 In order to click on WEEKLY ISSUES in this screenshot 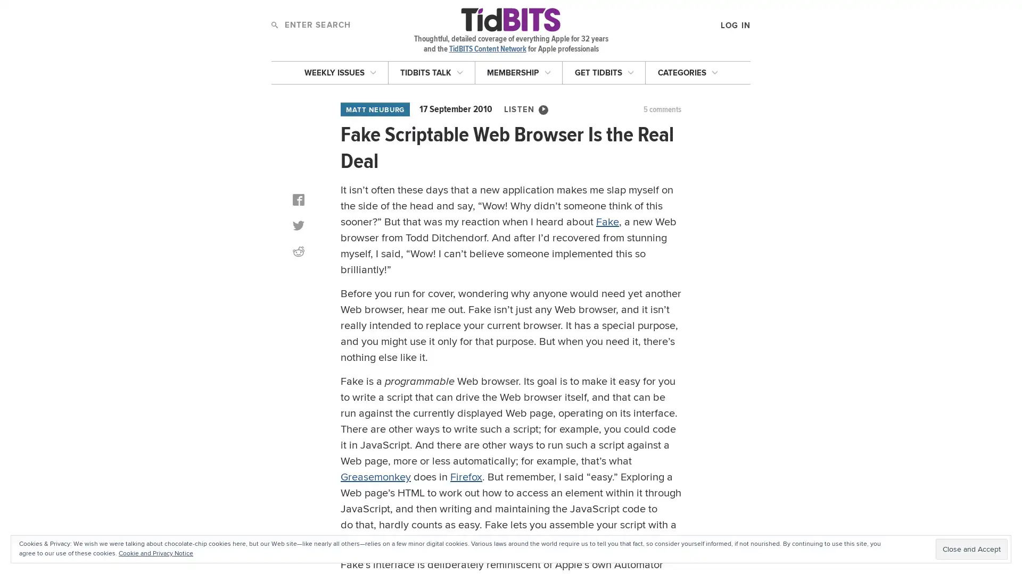, I will do `click(339, 72)`.